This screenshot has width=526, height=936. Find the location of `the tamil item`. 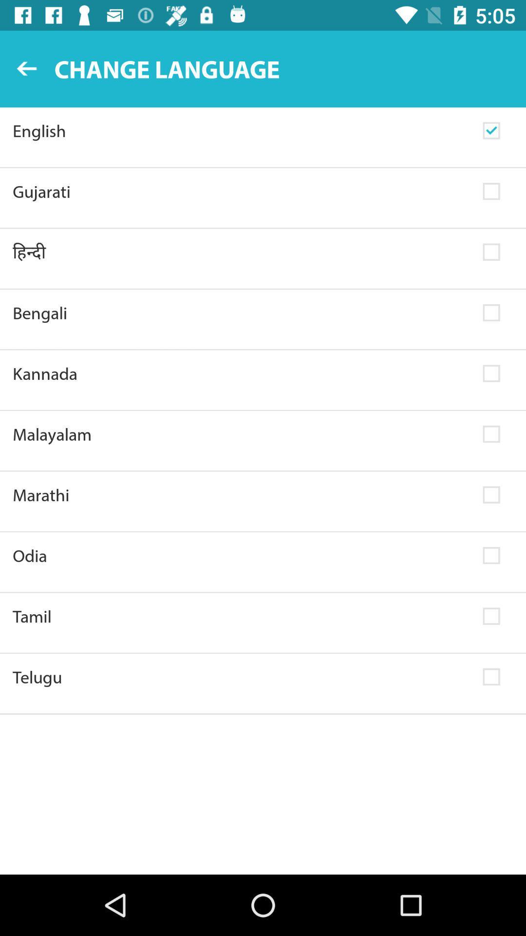

the tamil item is located at coordinates (241, 616).